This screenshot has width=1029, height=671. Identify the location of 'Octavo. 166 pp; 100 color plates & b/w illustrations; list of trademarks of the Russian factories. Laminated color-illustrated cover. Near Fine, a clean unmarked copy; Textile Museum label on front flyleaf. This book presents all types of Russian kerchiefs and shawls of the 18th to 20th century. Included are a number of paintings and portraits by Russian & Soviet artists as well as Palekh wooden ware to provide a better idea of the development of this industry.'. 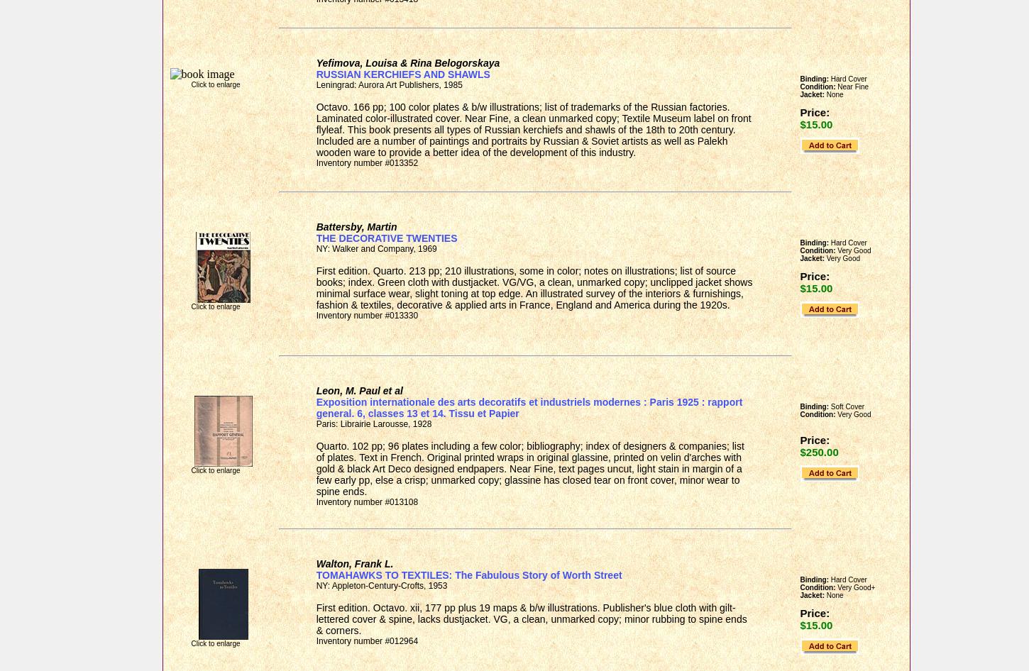
(533, 129).